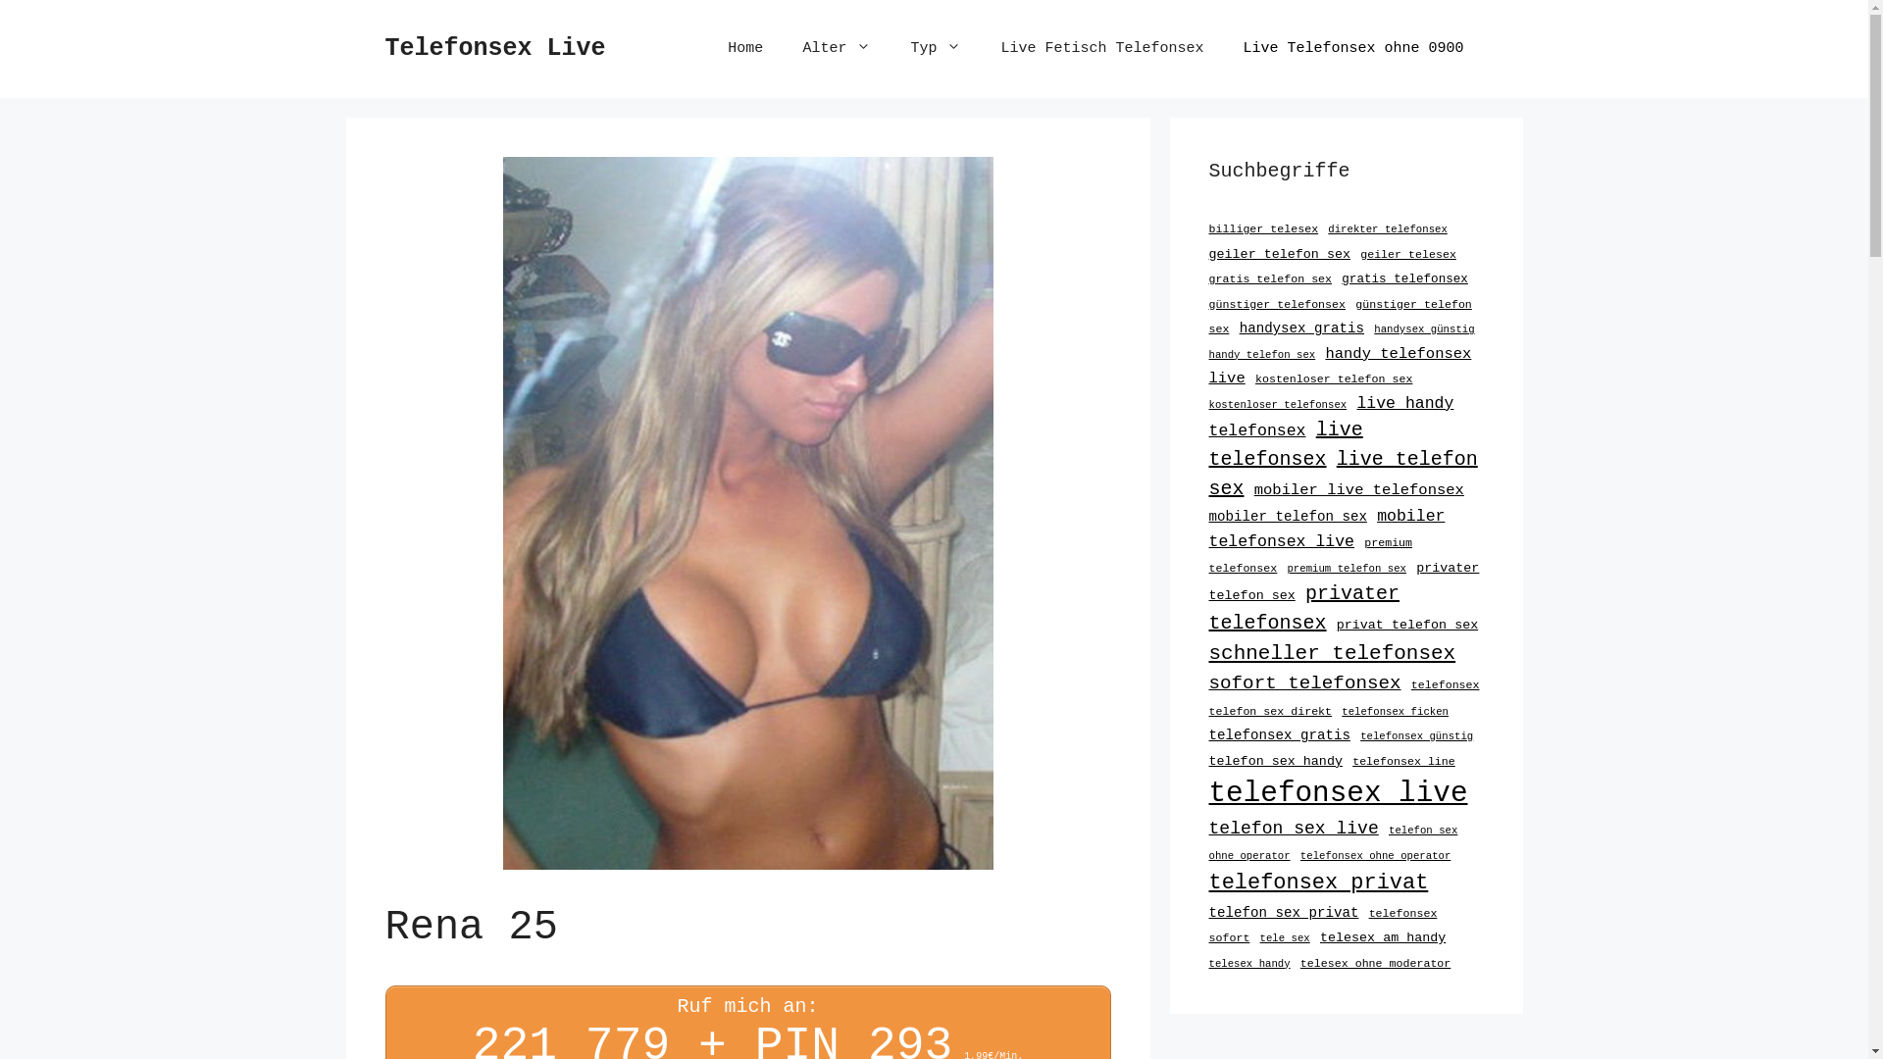  What do you see at coordinates (1285, 936) in the screenshot?
I see `'tele sex'` at bounding box center [1285, 936].